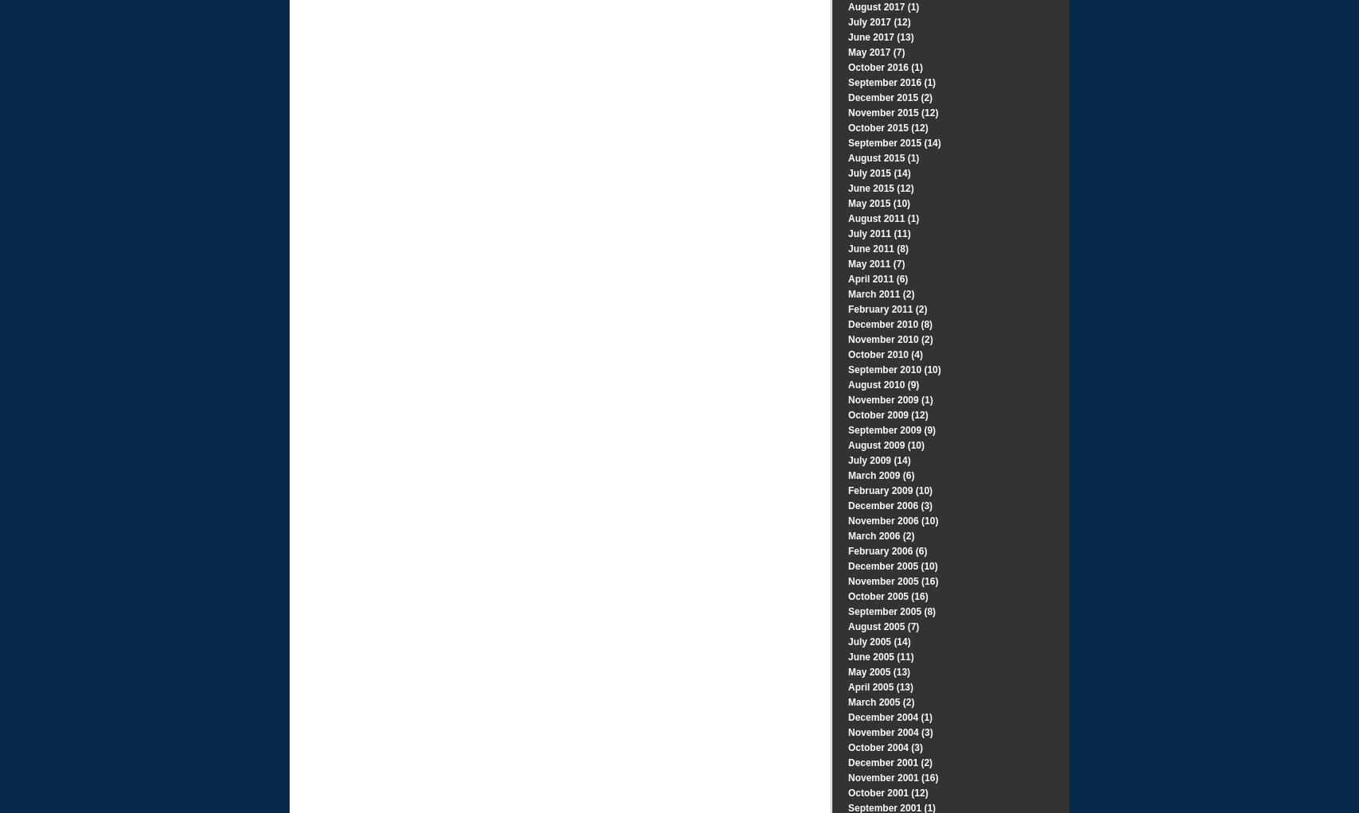  What do you see at coordinates (879, 21) in the screenshot?
I see `'July 2017 (12)'` at bounding box center [879, 21].